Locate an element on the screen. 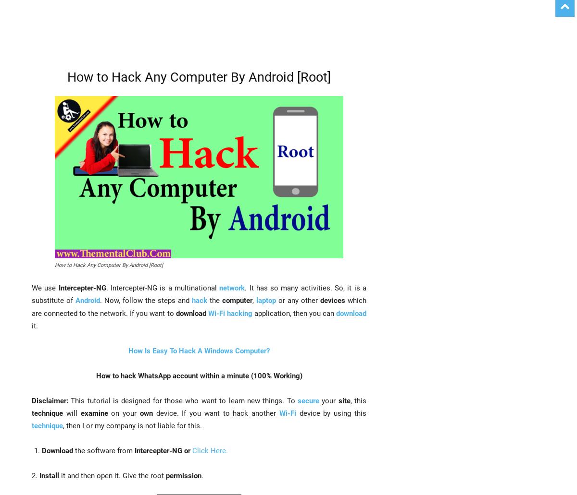 The image size is (577, 495). 'Install' is located at coordinates (39, 475).